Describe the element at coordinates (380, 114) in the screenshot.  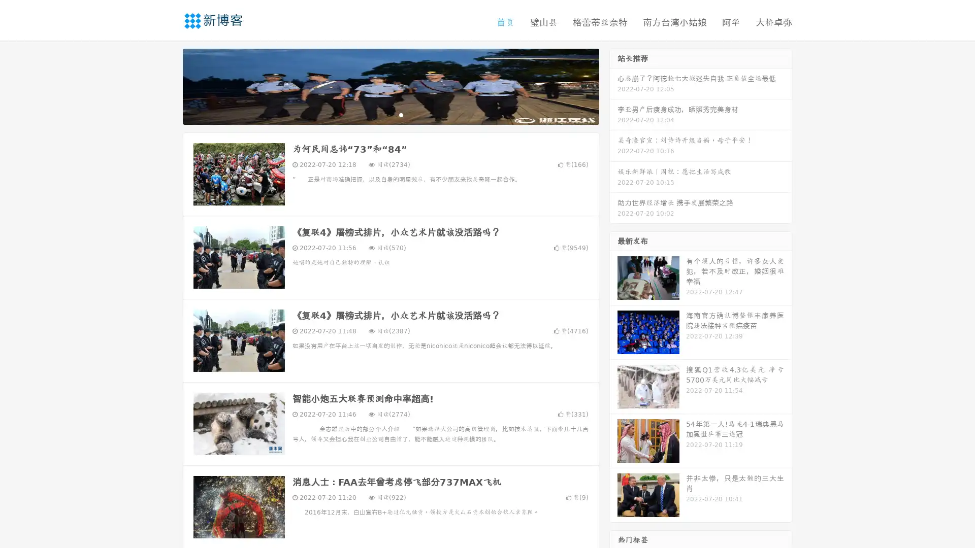
I see `Go to slide 1` at that location.